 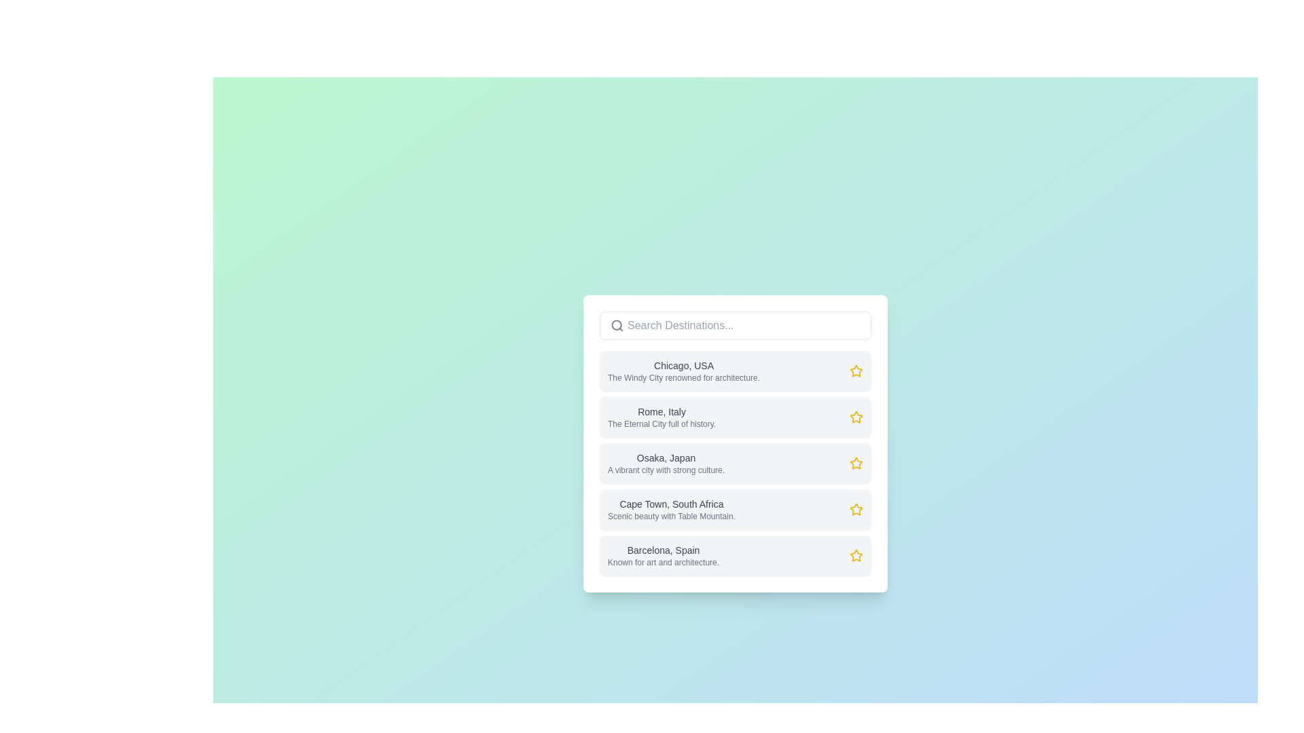 I want to click on the text label displaying 'Osaka, Japan', which is the main title of the third destination entry in the list, so click(x=666, y=458).